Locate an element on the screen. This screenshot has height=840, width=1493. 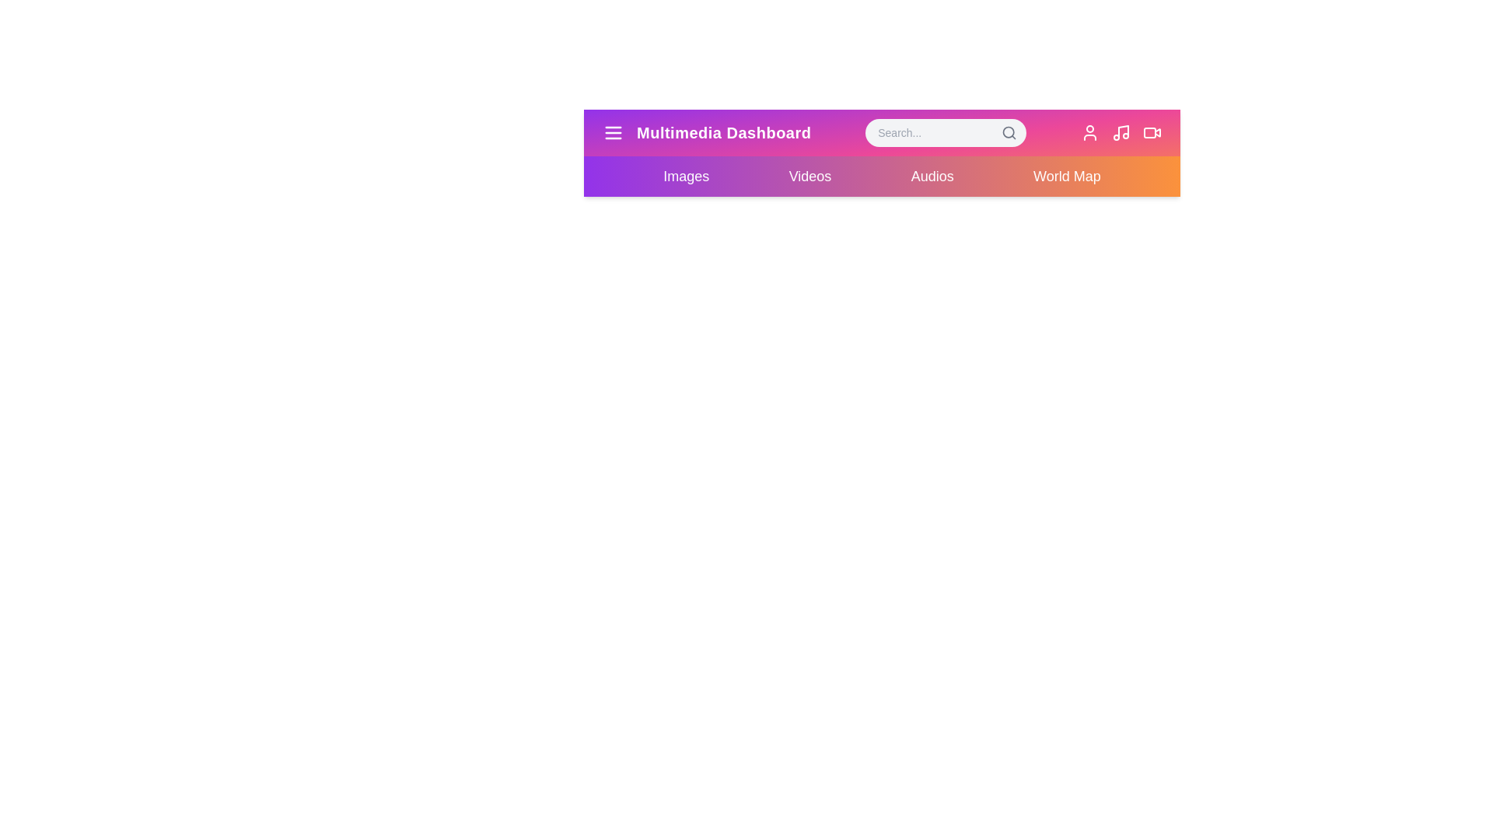
the video icon to play a video is located at coordinates (1152, 131).